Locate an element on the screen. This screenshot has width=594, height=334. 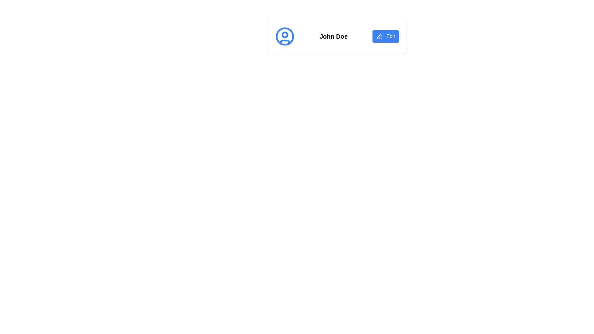
the 'Edit' button which contains the icon representing the 'Edit' action, located centrally next to the text label 'Edit' is located at coordinates (379, 36).